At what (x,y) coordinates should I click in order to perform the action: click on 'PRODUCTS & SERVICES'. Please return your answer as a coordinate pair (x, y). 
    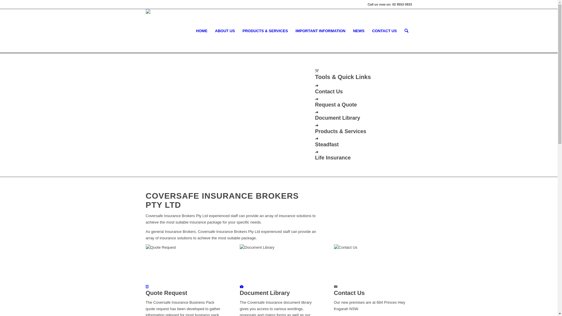
    Looking at the image, I should click on (265, 31).